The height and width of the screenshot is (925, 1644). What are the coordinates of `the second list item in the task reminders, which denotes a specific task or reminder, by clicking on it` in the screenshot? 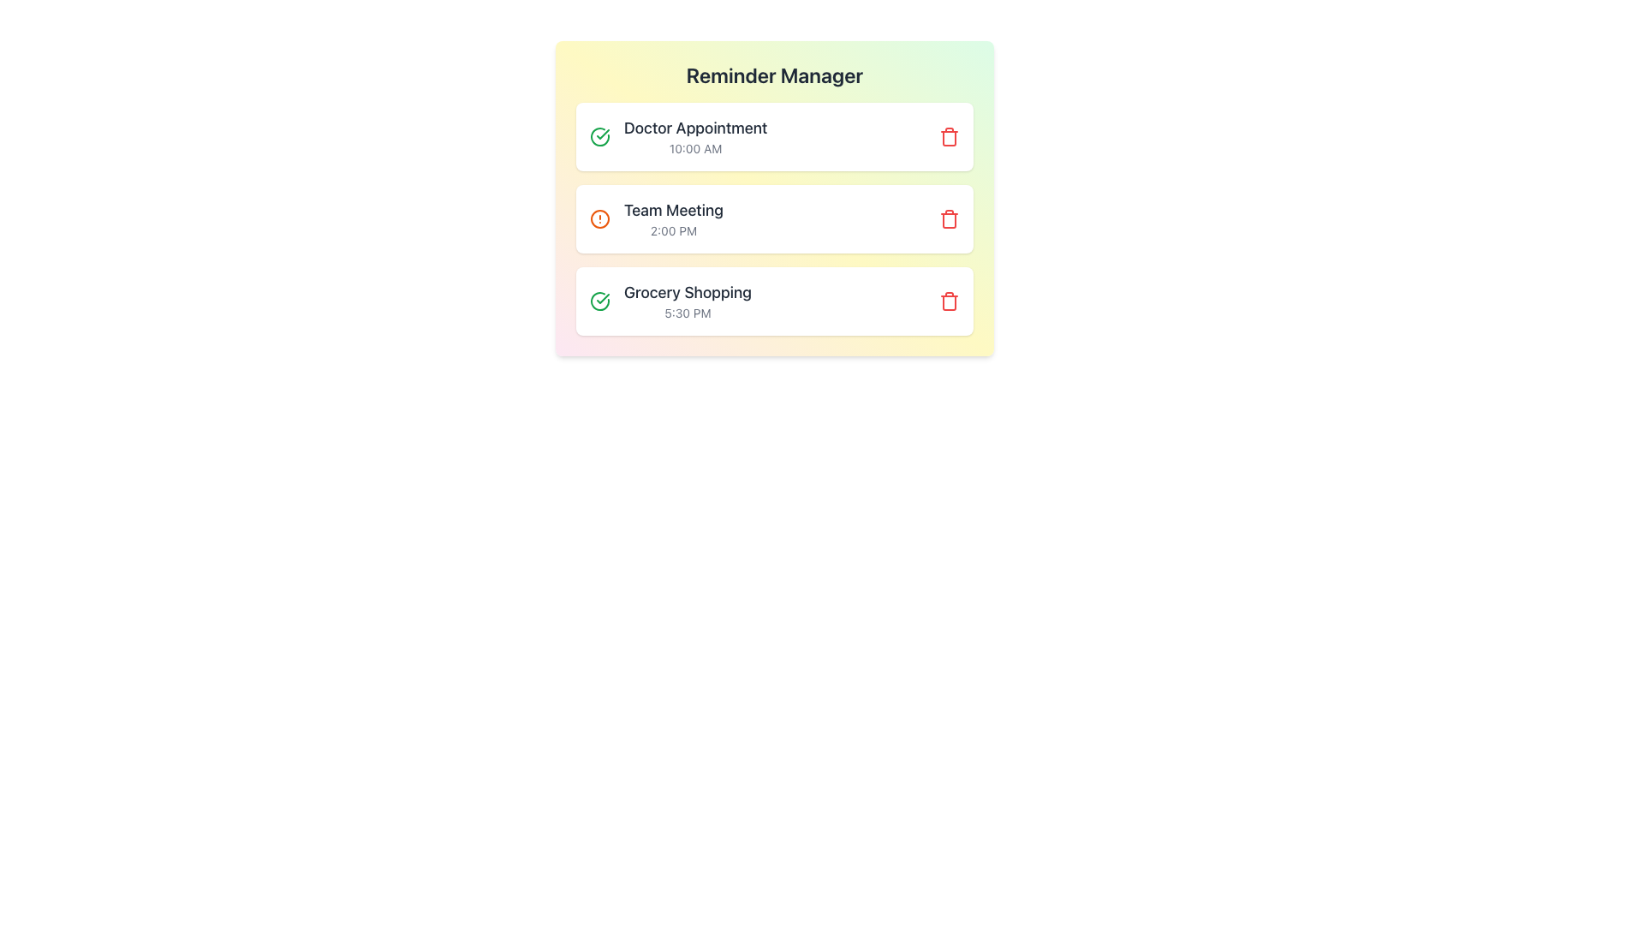 It's located at (673, 218).